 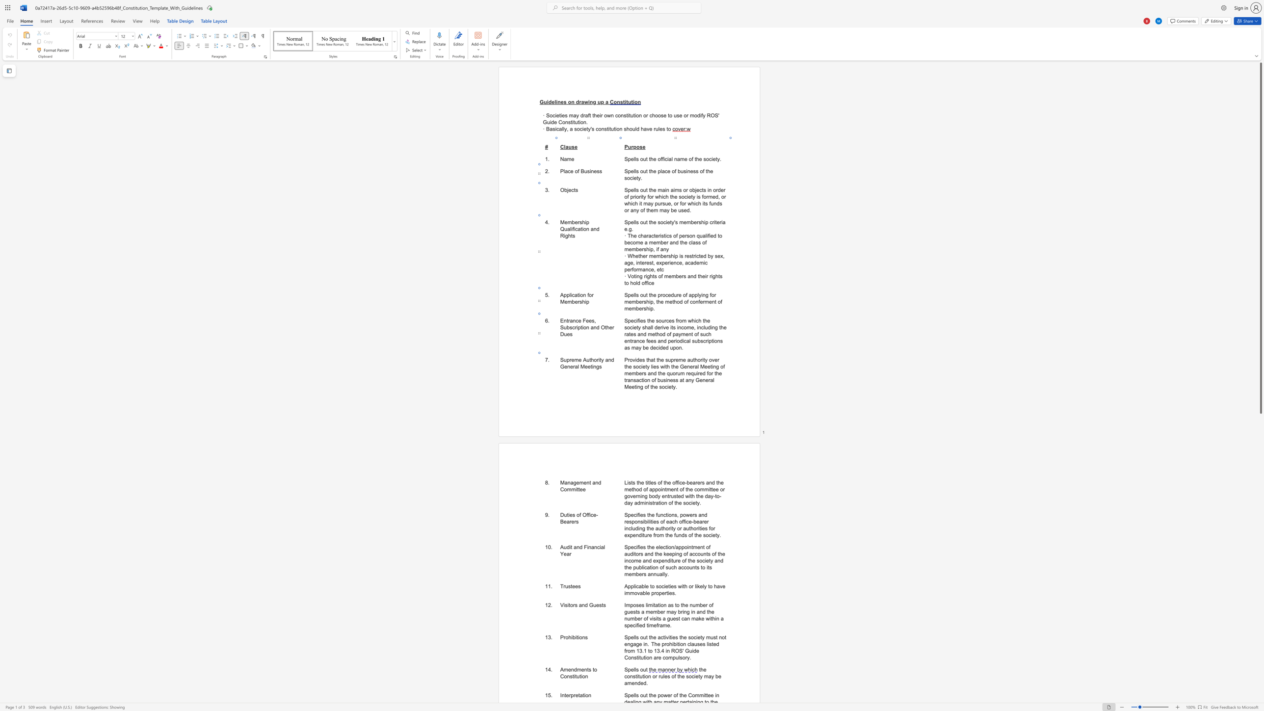 I want to click on the 2th character "s" in the text, so click(x=666, y=360).